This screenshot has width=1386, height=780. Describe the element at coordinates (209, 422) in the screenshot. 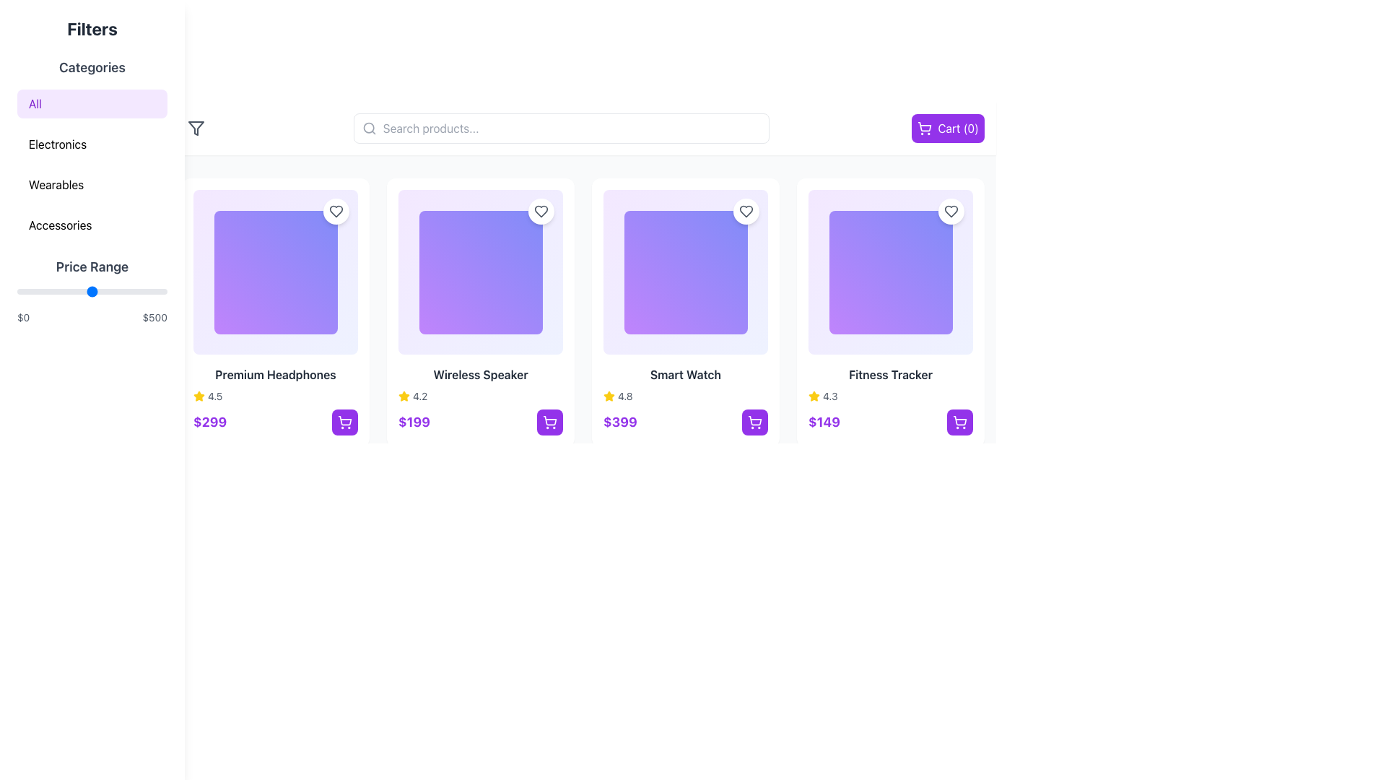

I see `the text label displaying '$299' in bold, large purple font located at the bottom-left corner of the 'Premium Headphones' product card` at that location.